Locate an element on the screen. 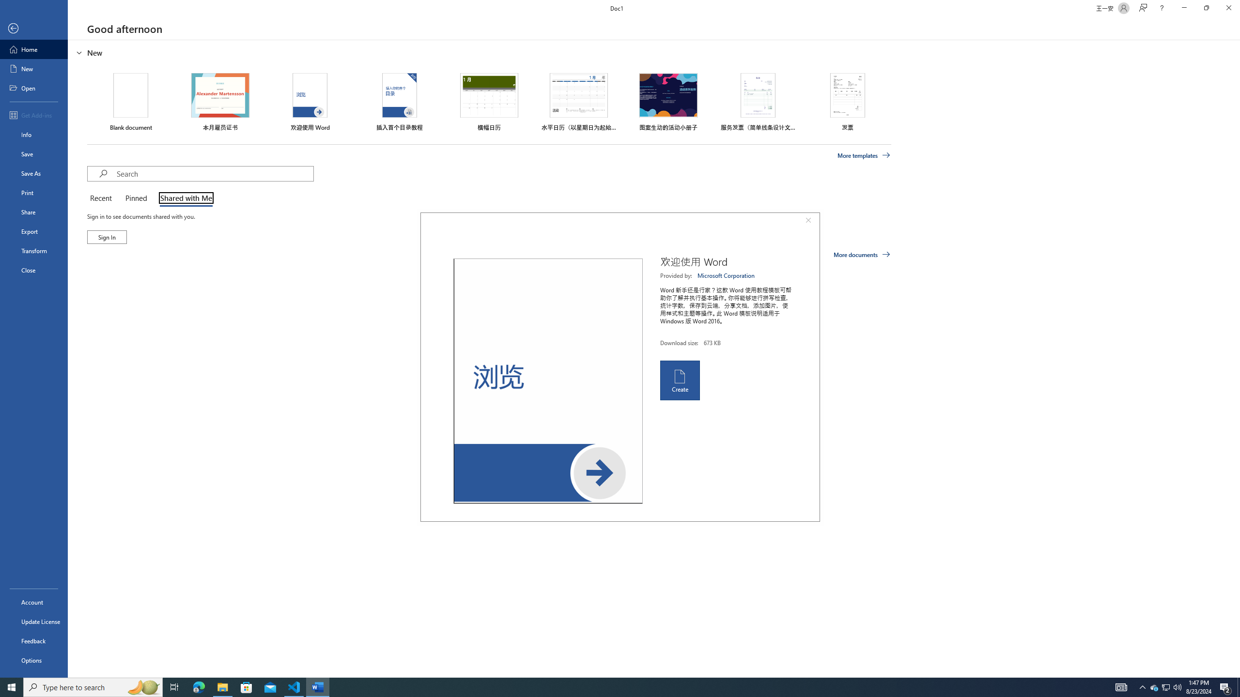  'Account' is located at coordinates (33, 602).